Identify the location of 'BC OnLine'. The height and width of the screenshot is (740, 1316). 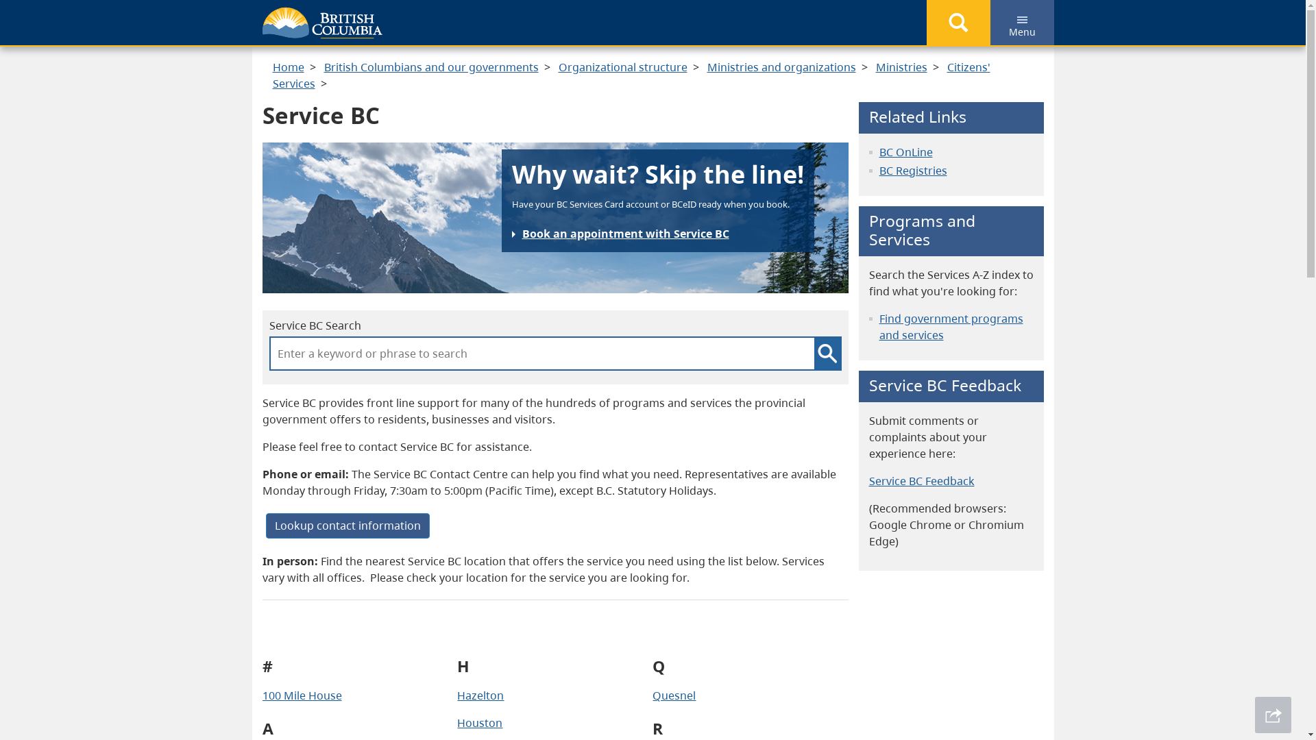
(878, 152).